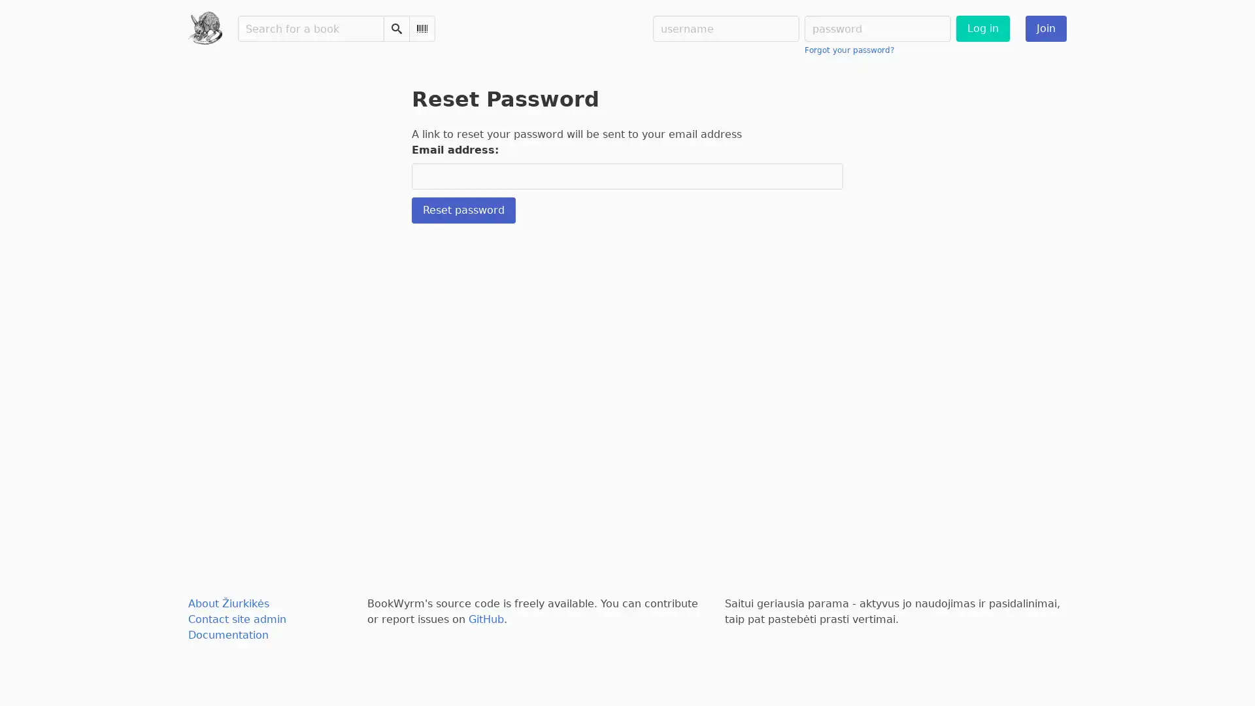  What do you see at coordinates (421, 28) in the screenshot?
I see `Scan Barcode` at bounding box center [421, 28].